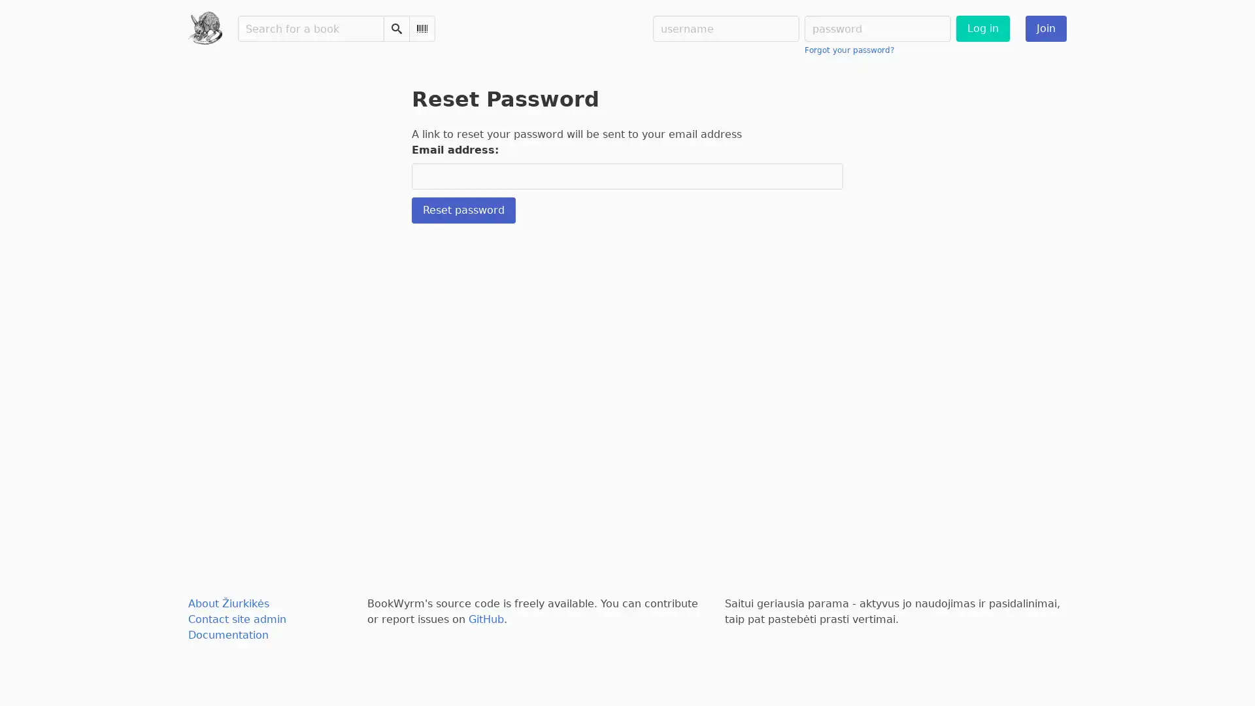  What do you see at coordinates (421, 28) in the screenshot?
I see `Scan Barcode` at bounding box center [421, 28].